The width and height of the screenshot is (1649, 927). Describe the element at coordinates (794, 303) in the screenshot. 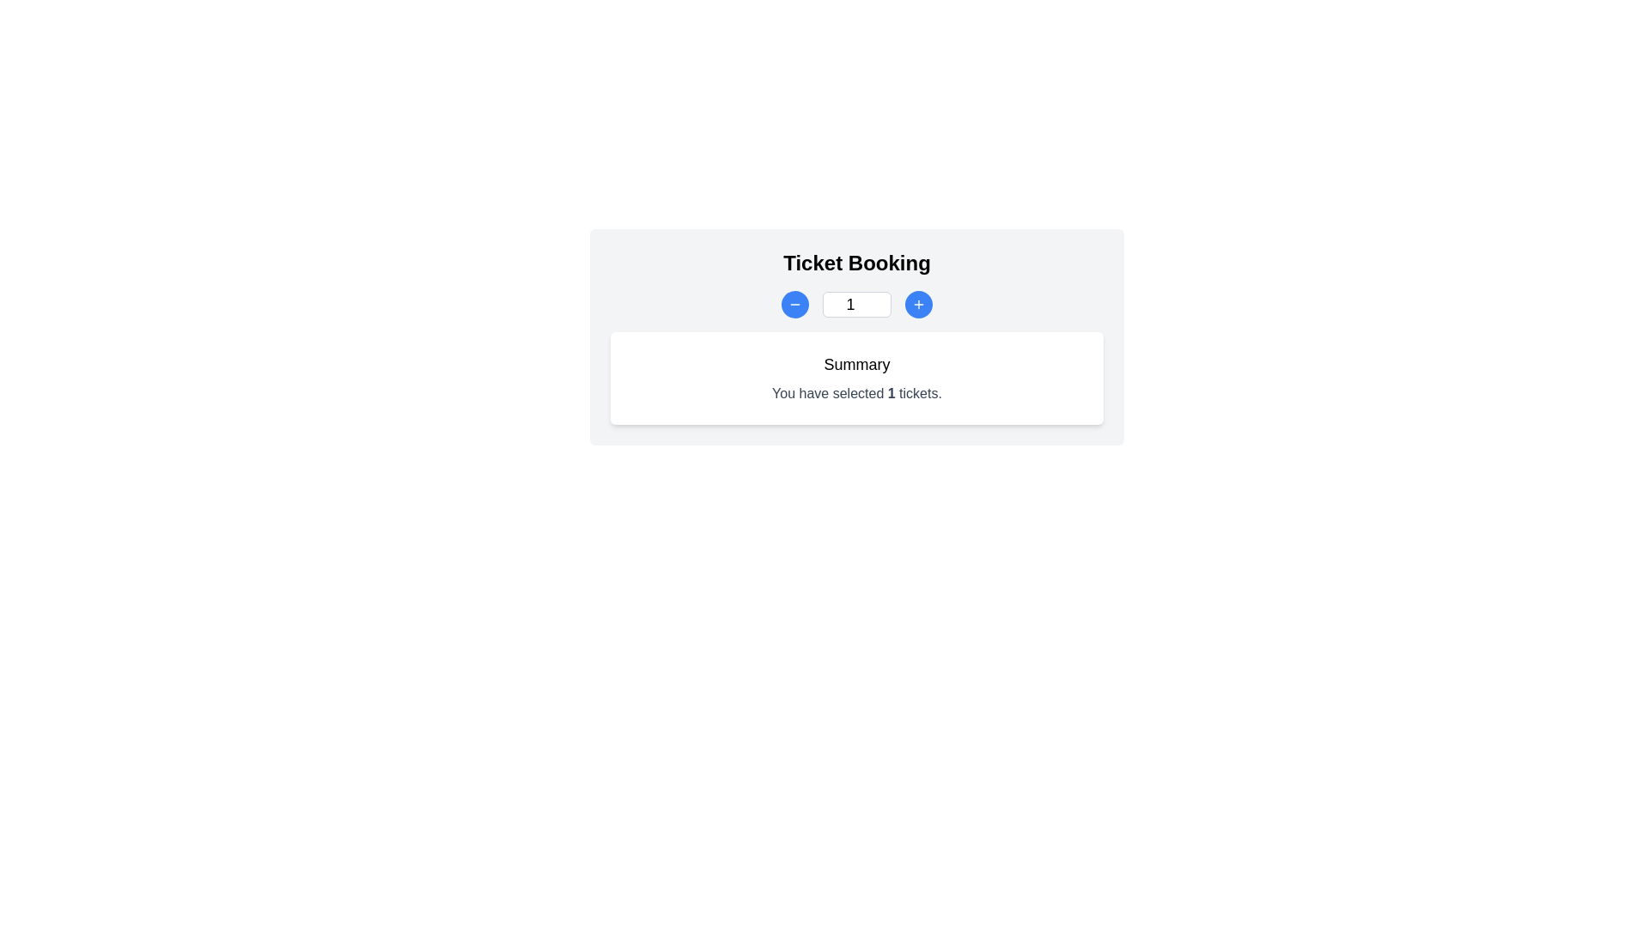

I see `the centered minus icon inside the blue circular button to decrease the count in the 'Ticket Booking' UI section` at that location.